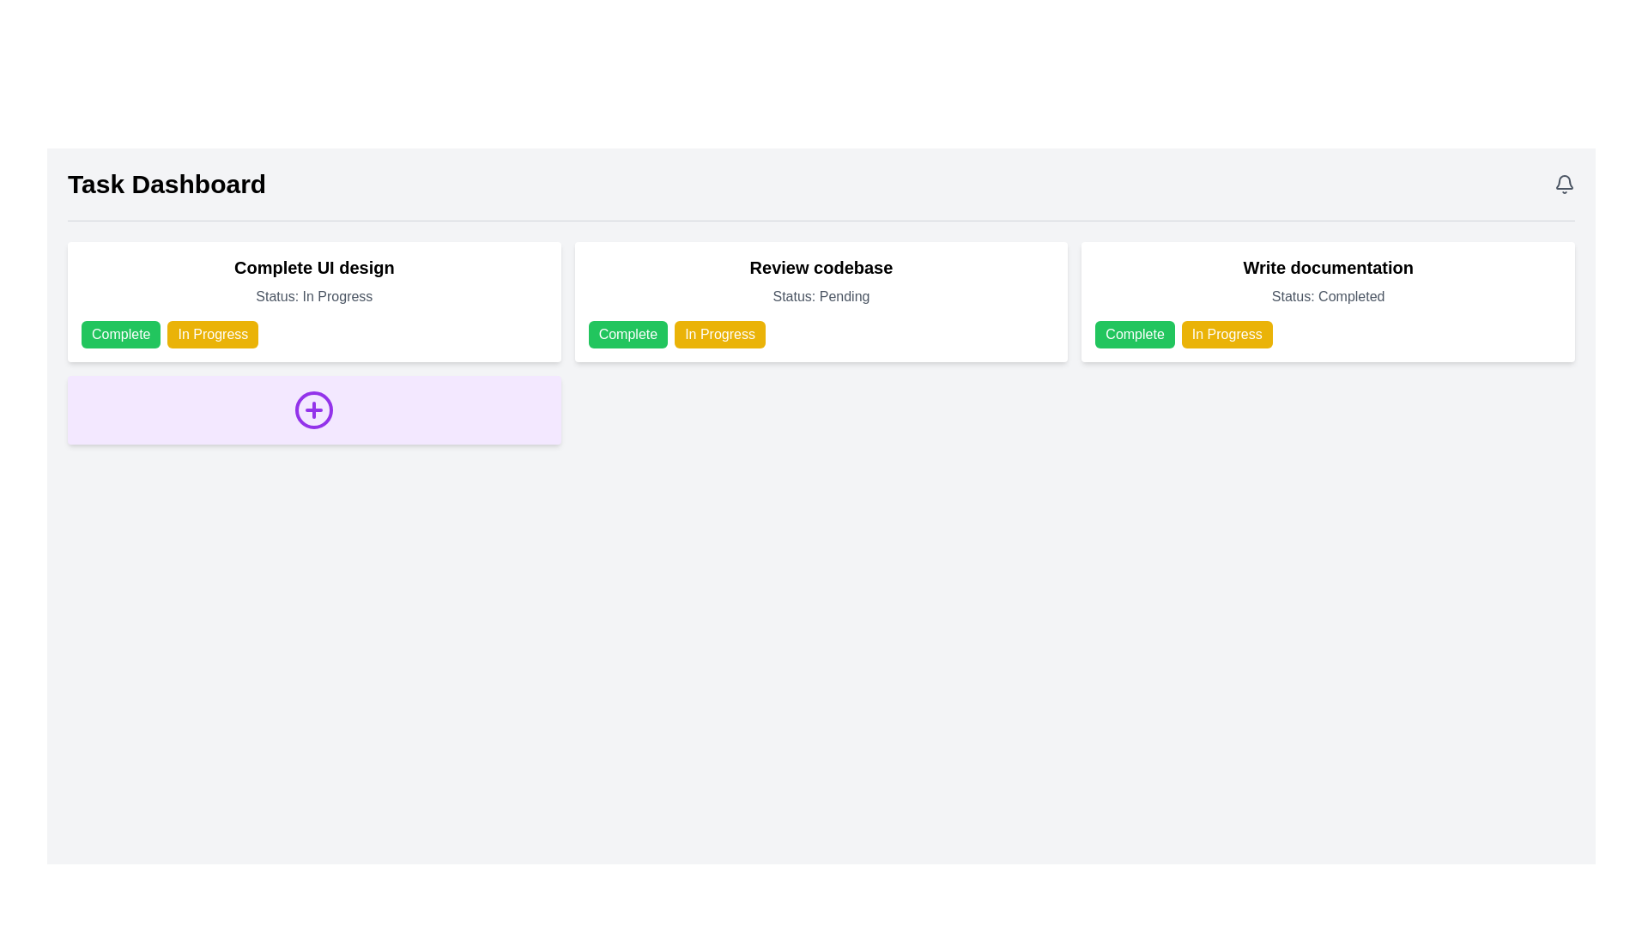 This screenshot has width=1648, height=927. What do you see at coordinates (1327, 296) in the screenshot?
I see `the informational text displaying 'Status: Completed', which is located beneath the title 'Write documentation' in the rightmost task card` at bounding box center [1327, 296].